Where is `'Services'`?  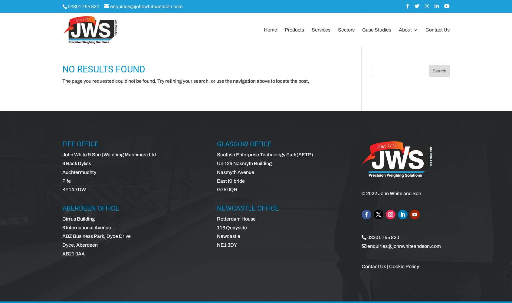
'Services' is located at coordinates (311, 29).